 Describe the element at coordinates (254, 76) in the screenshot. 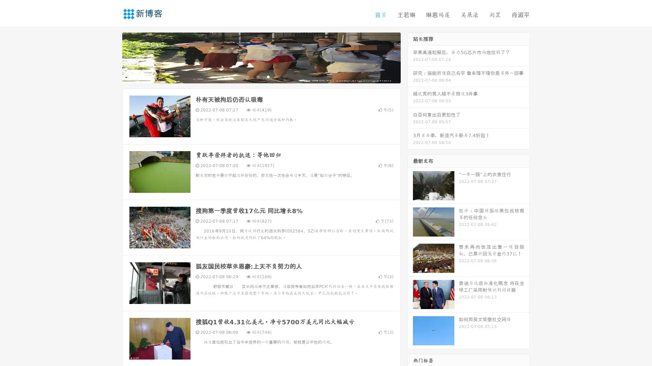

I see `Go to slide 1` at that location.